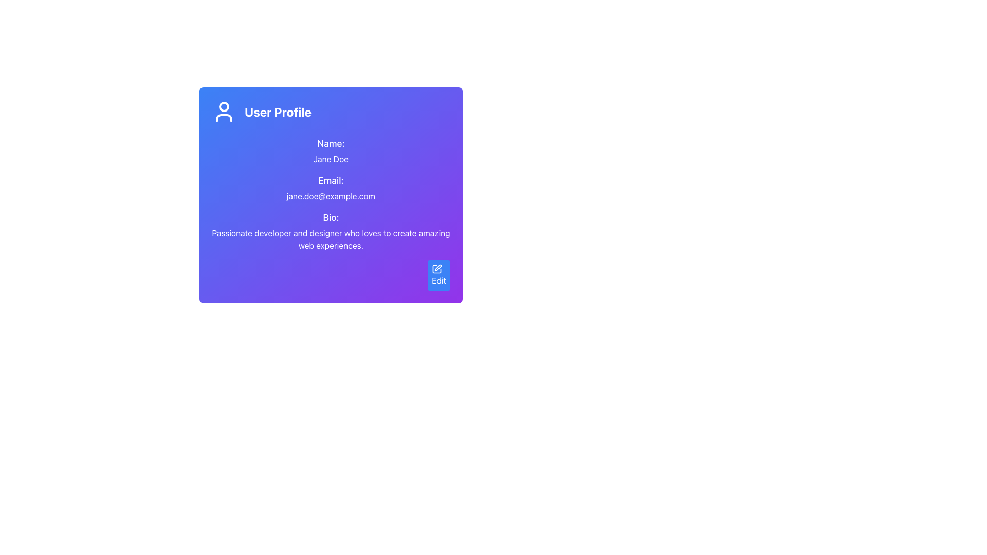 Image resolution: width=987 pixels, height=555 pixels. What do you see at coordinates (331, 239) in the screenshot?
I see `the static text element providing the user's biography located under the 'Bio:' label in the user profile section` at bounding box center [331, 239].